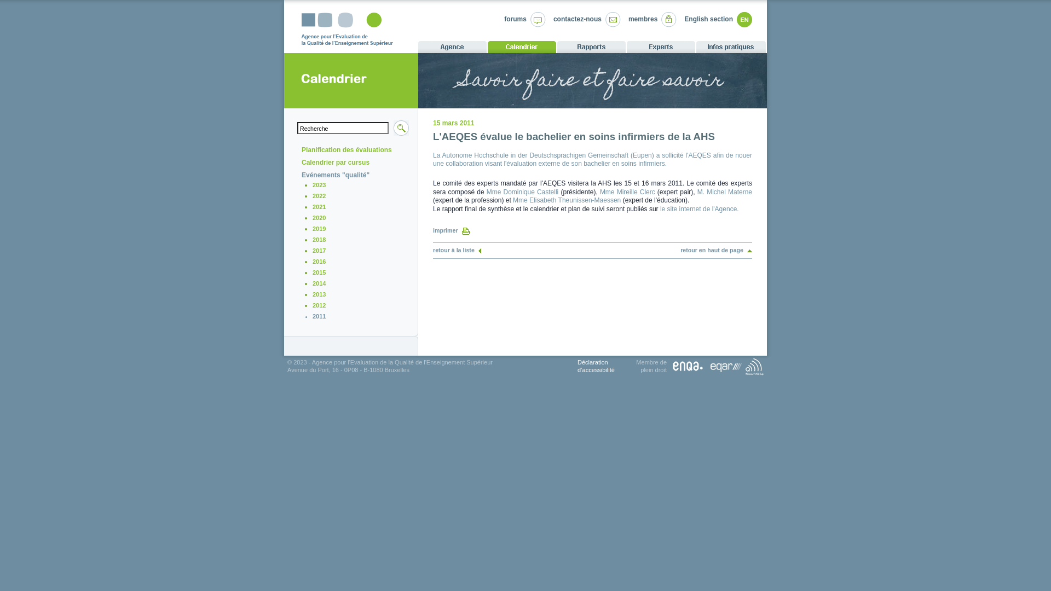 Image resolution: width=1051 pixels, height=591 pixels. I want to click on '2019', so click(318, 228).